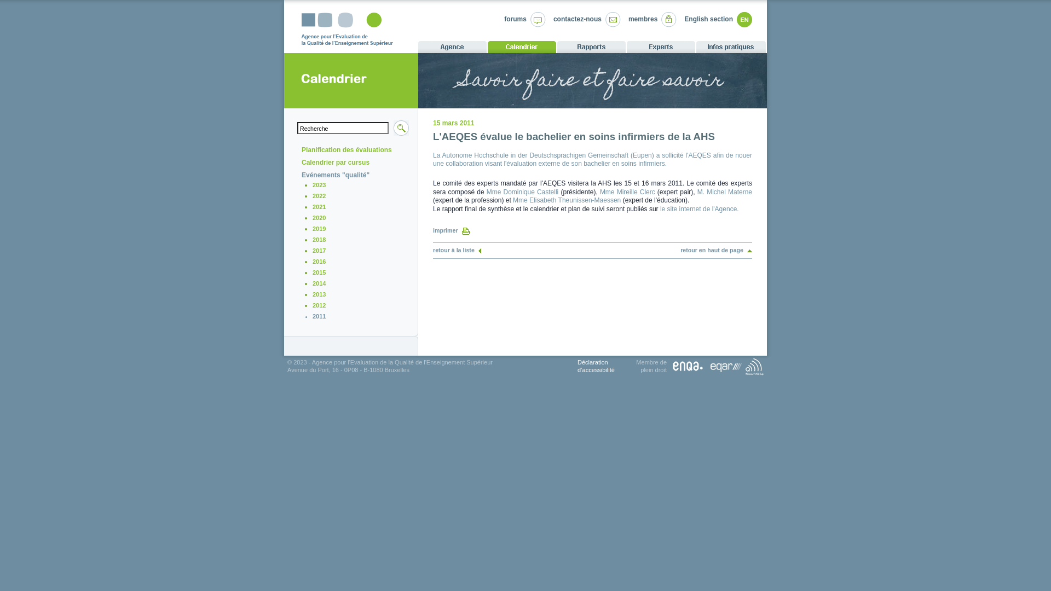 Image resolution: width=1051 pixels, height=591 pixels. I want to click on '2019', so click(318, 228).